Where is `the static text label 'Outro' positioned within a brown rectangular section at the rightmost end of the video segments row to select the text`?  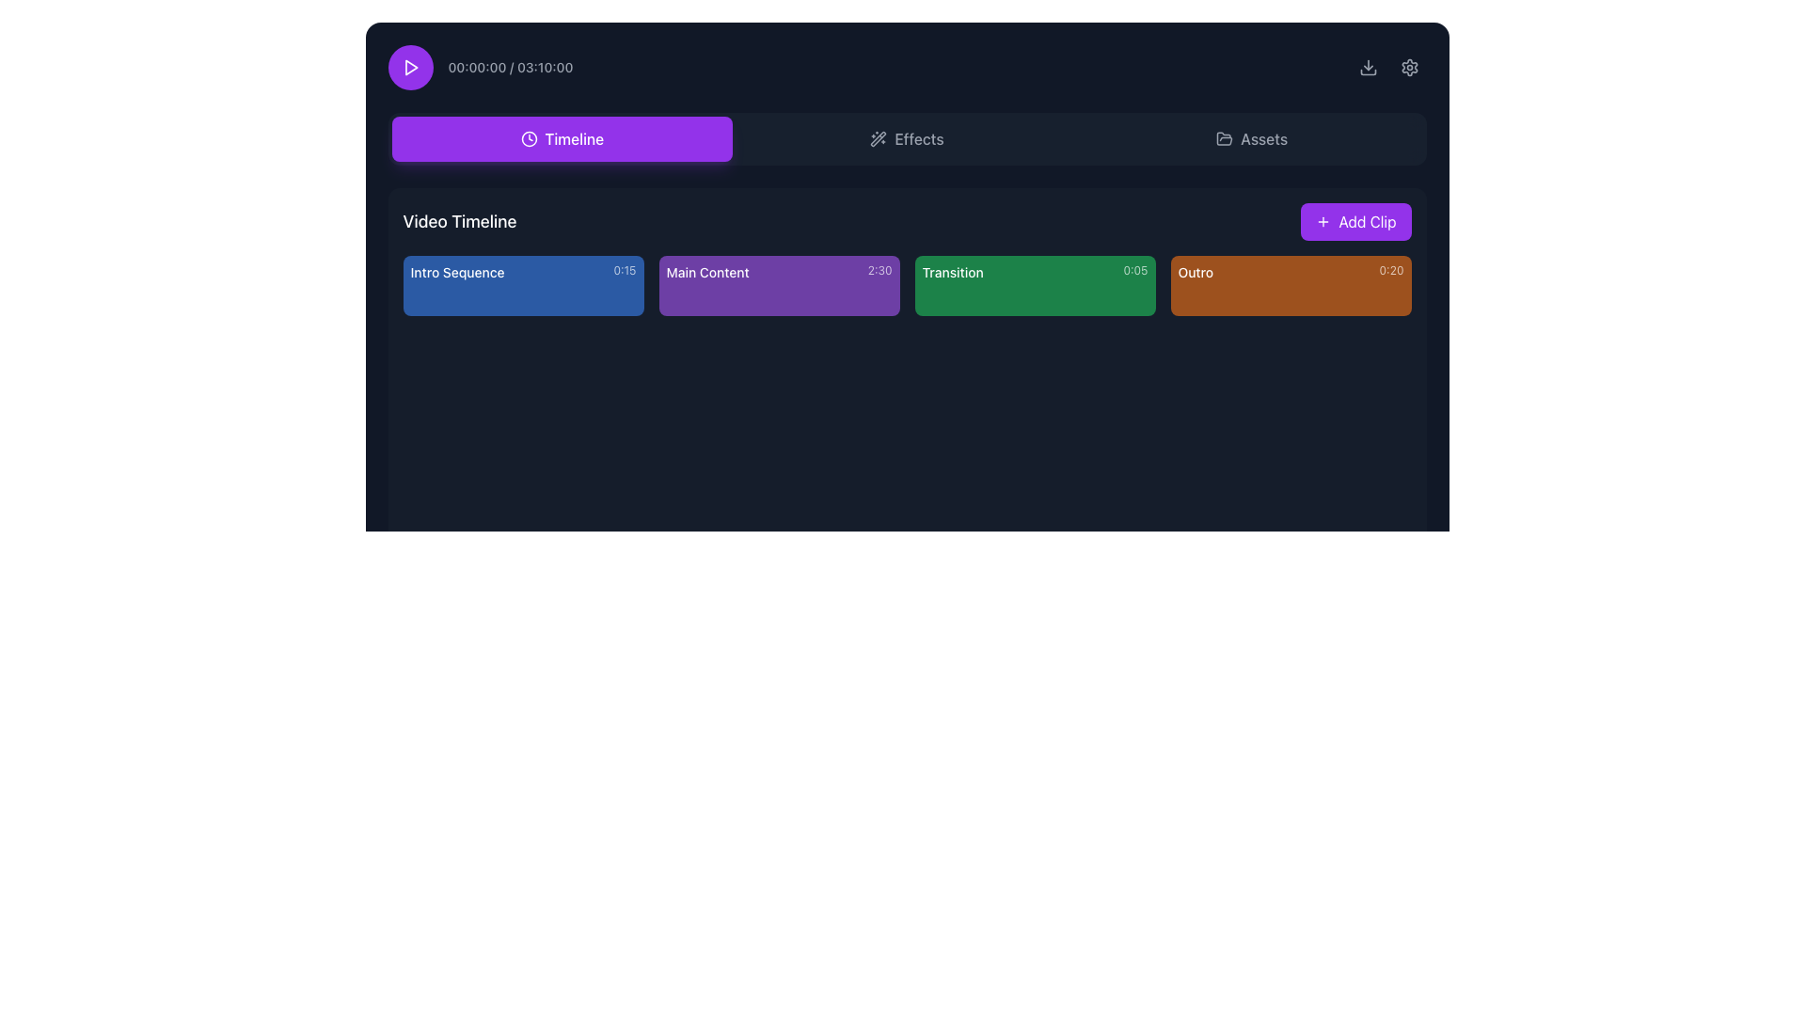
the static text label 'Outro' positioned within a brown rectangular section at the rightmost end of the video segments row to select the text is located at coordinates (1195, 272).